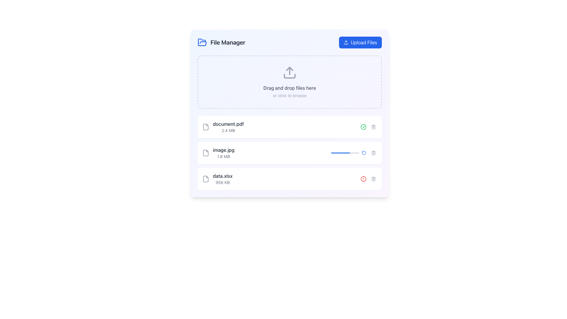  What do you see at coordinates (289, 88) in the screenshot?
I see `the text element displaying 'Drag and drop files here', which is styled with gray color and medium-weight font, located within the drag-and-drop upload area` at bounding box center [289, 88].